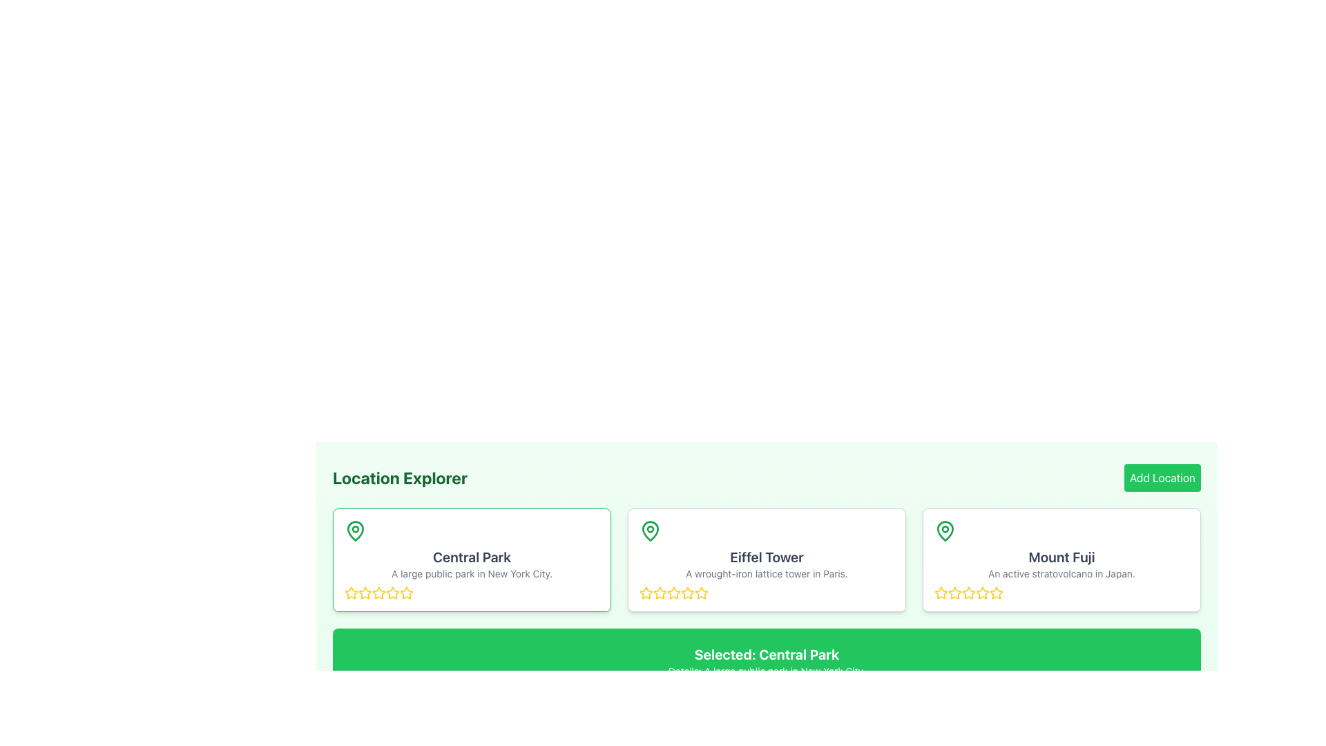  What do you see at coordinates (981, 593) in the screenshot?
I see `the sixth yellow star icon in the star-rating system under the 'Mount Fuji' card` at bounding box center [981, 593].